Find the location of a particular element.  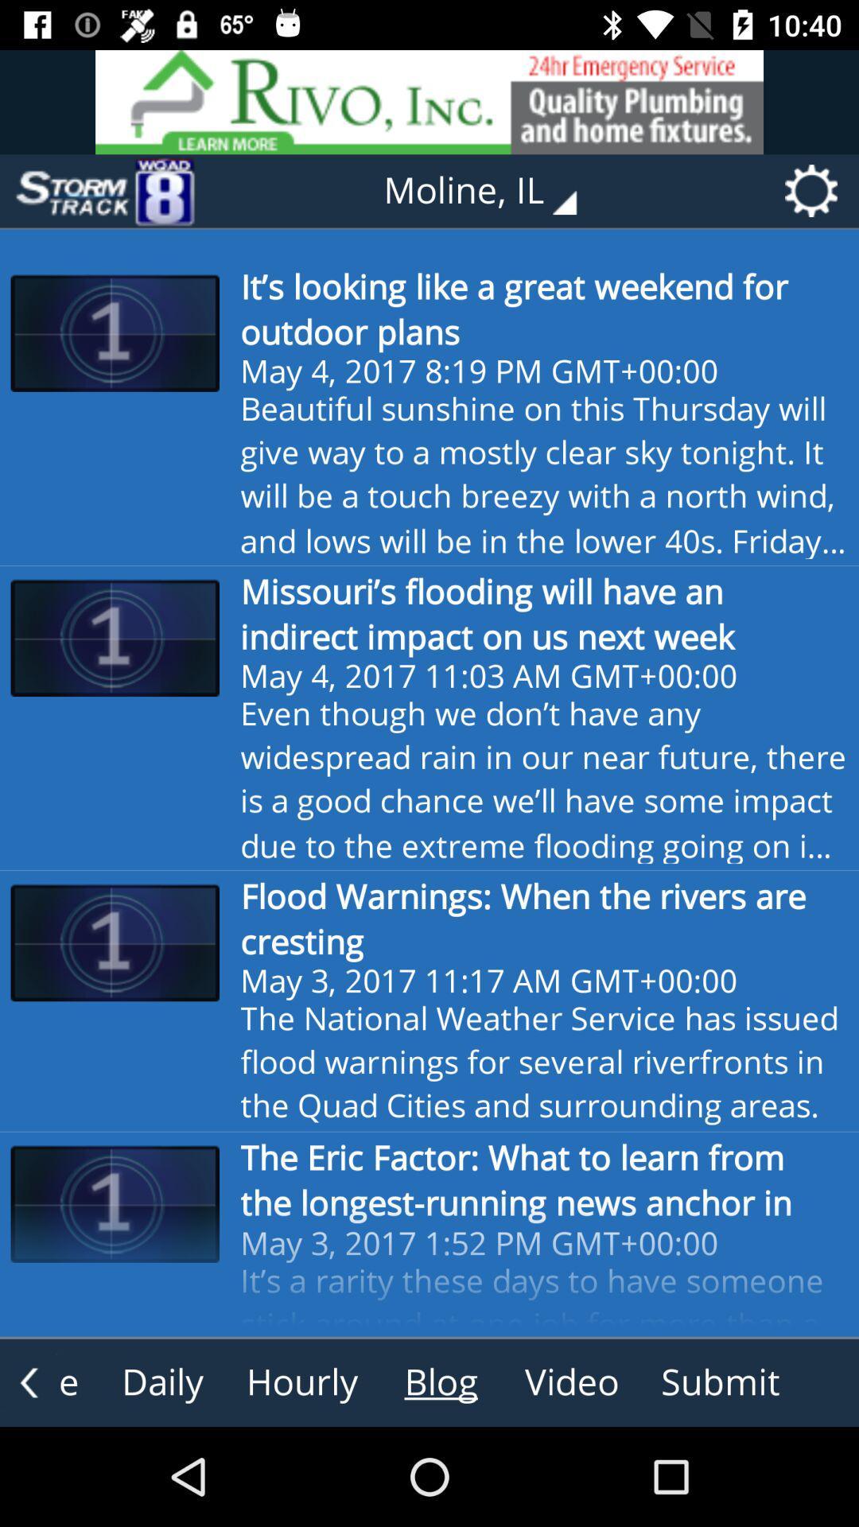

the arrow_backward icon is located at coordinates (29, 1381).